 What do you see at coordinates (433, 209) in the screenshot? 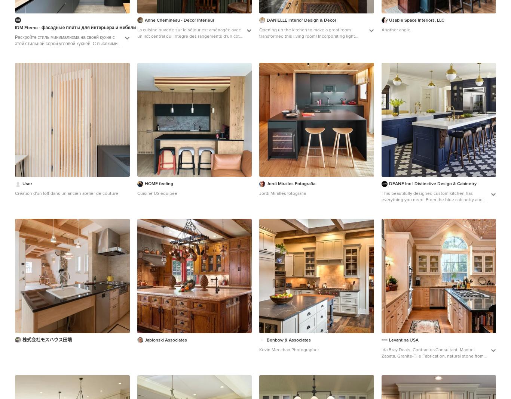
I see `'This beautifully designed custom kitchen has everything you need.  From the blue cabinetry and detailed woodwork to the marble countertops and black and white tile flooring, it provides an open workspace with ample space to entertain family and friends.'` at bounding box center [433, 209].